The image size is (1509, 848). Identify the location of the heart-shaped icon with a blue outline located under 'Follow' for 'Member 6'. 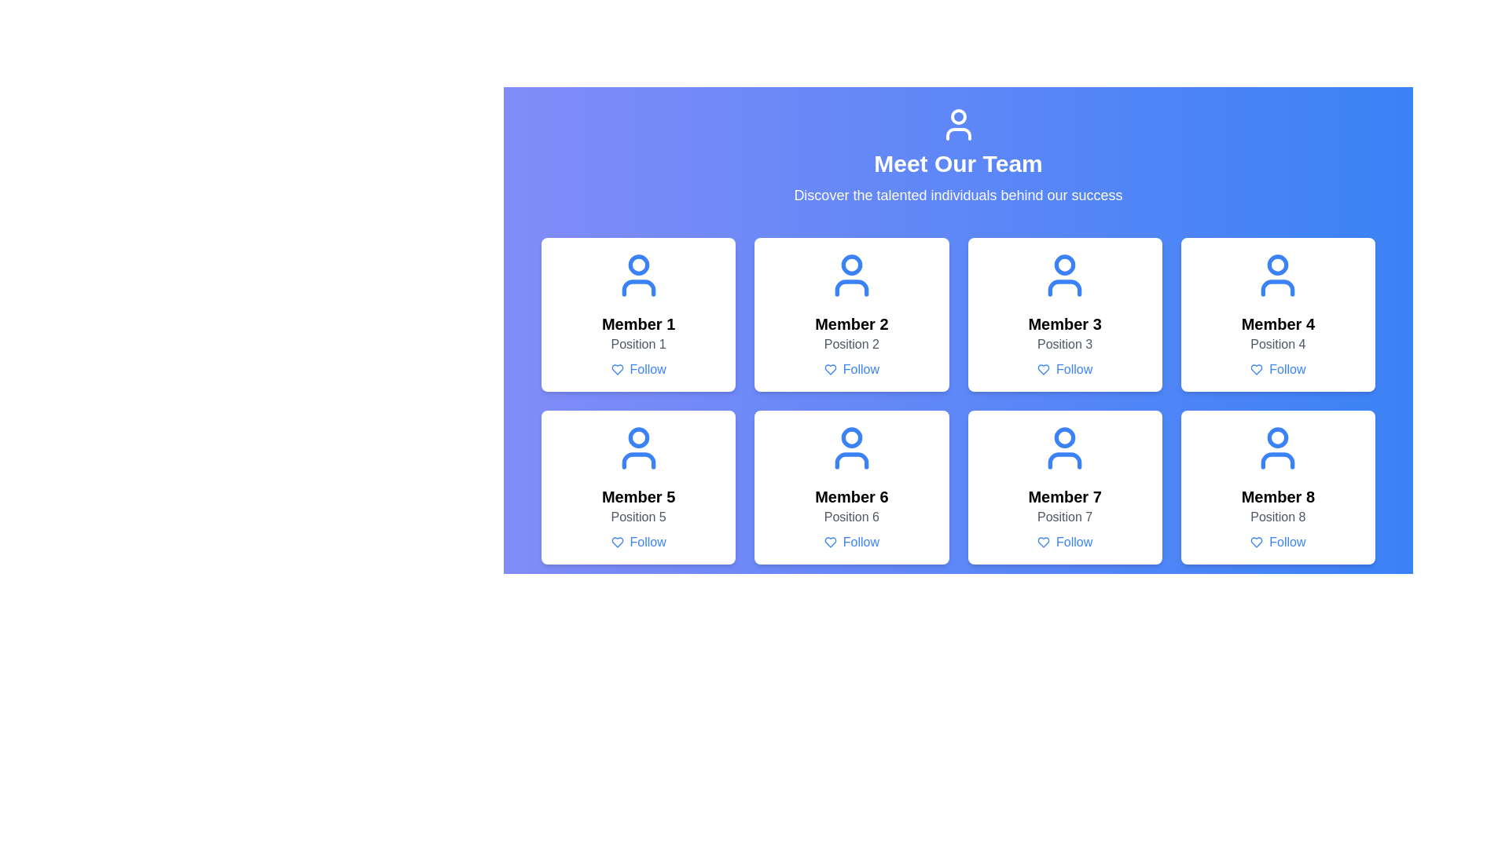
(829, 541).